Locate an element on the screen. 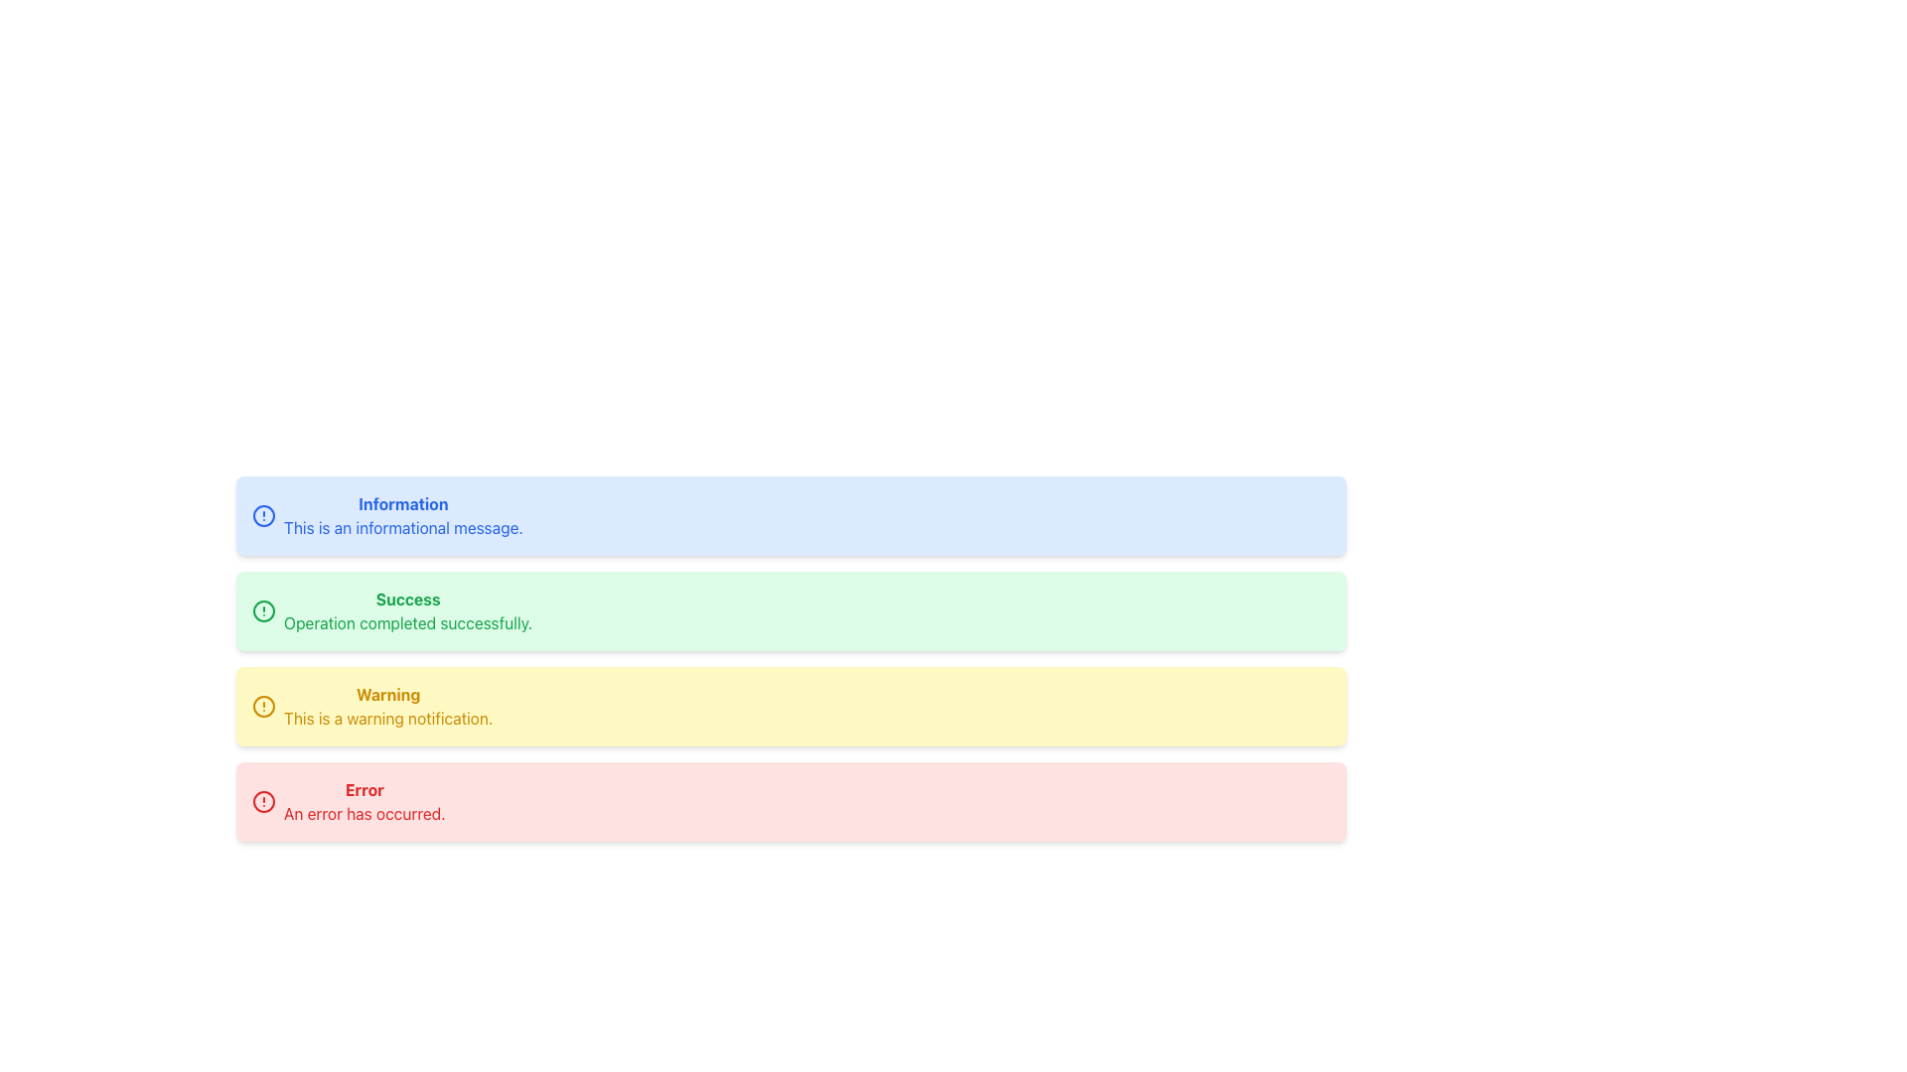 The width and height of the screenshot is (1907, 1072). informational message labeled 'Information' that is styled with blue text on a light blue background in the first notification box is located at coordinates (402, 515).